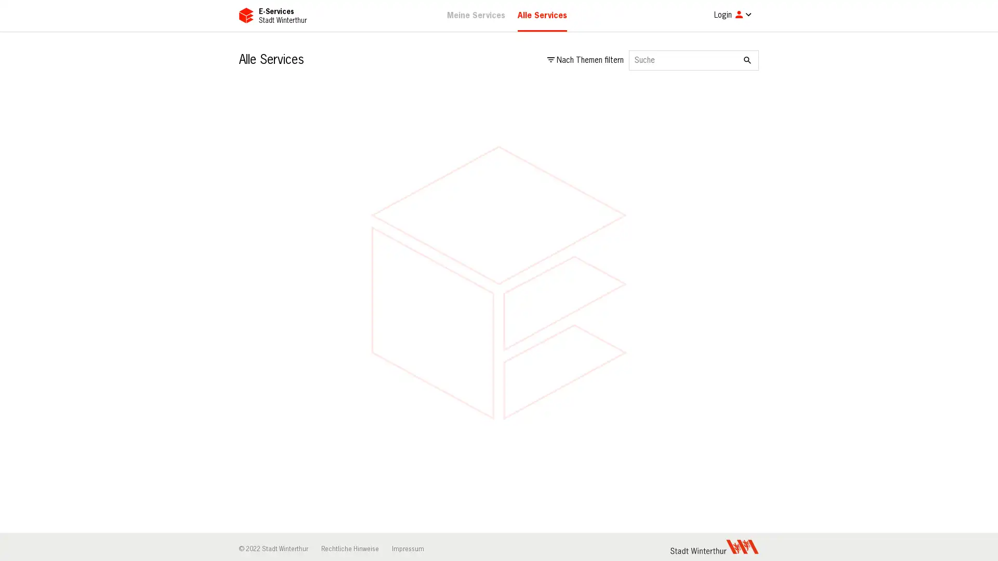 The width and height of the screenshot is (998, 561). I want to click on Service Adressanderung (Stadtwerk Winterthur) zu Meine Services hinzufugen, so click(743, 105).